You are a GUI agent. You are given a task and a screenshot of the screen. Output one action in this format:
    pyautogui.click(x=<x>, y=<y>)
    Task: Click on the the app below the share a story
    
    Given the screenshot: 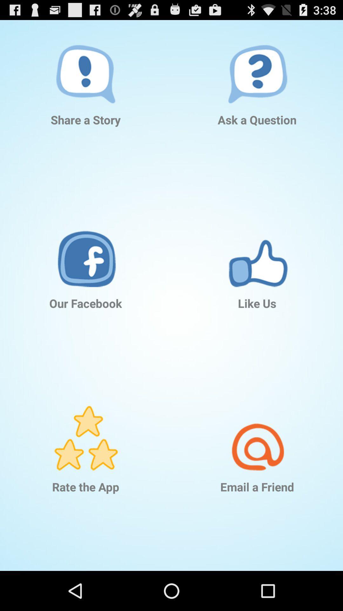 What is the action you would take?
    pyautogui.click(x=86, y=245)
    